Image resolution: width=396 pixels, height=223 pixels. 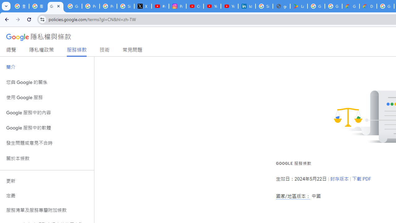 What do you see at coordinates (333, 6) in the screenshot?
I see `'Google Workspace - Specific Terms'` at bounding box center [333, 6].